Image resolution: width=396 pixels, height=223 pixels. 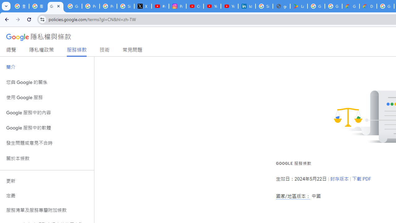 What do you see at coordinates (333, 6) in the screenshot?
I see `'Google Workspace - Specific Terms'` at bounding box center [333, 6].